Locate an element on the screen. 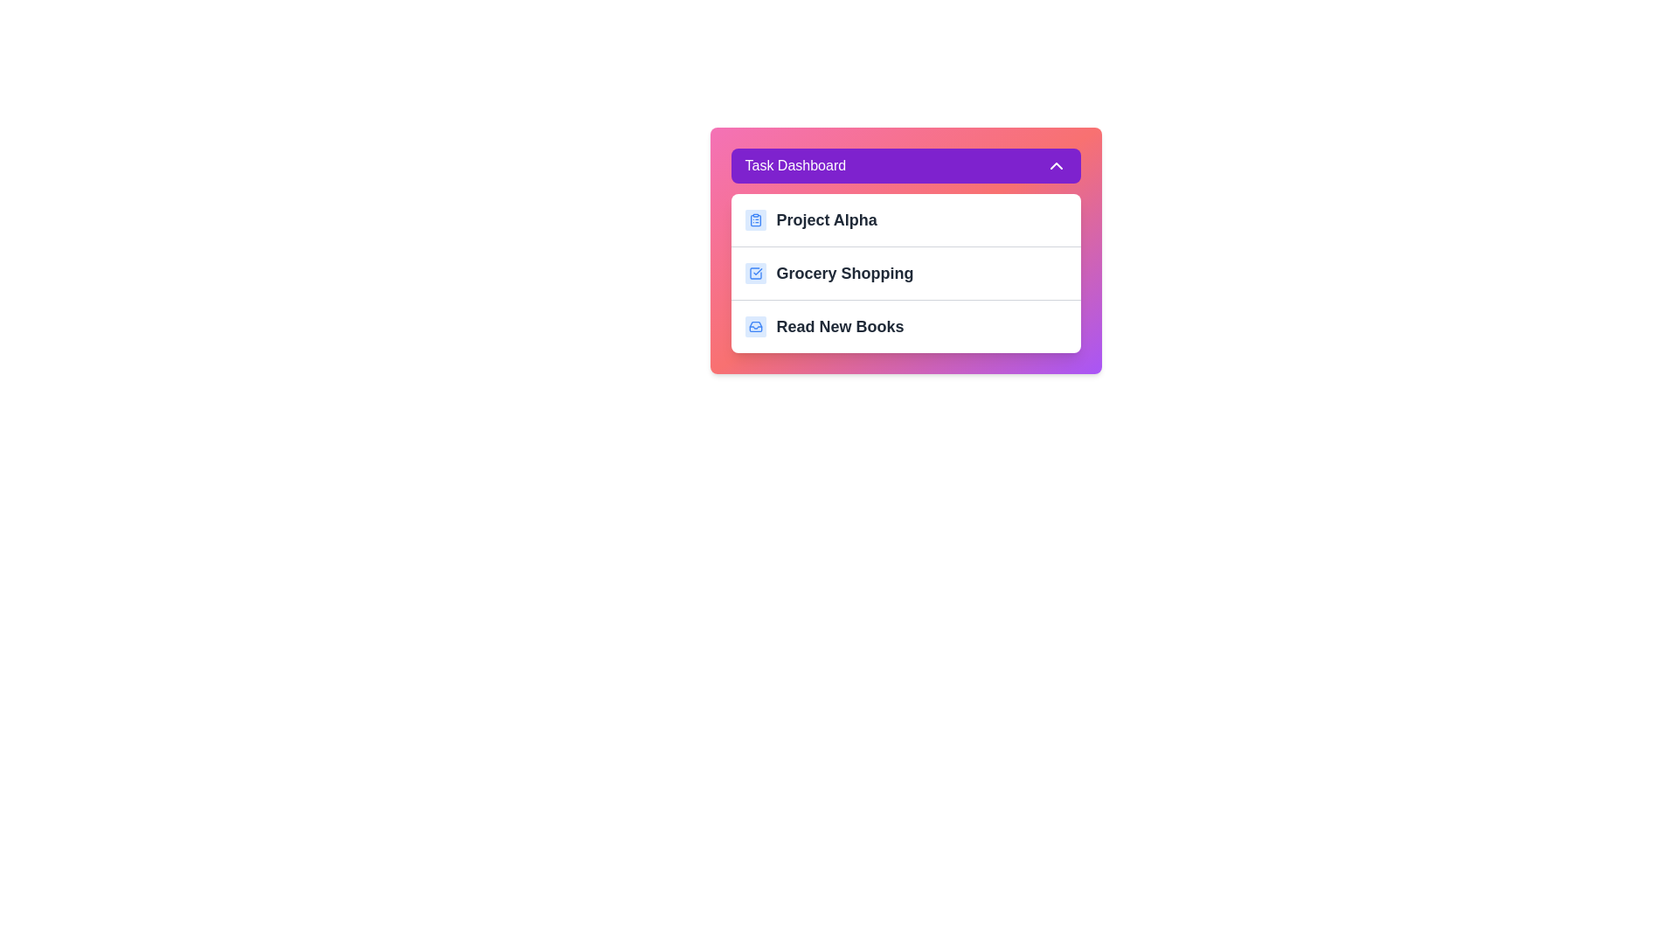  the blue check mark icon located on the left side before the text 'Grocery Shopping' is located at coordinates (755, 273).